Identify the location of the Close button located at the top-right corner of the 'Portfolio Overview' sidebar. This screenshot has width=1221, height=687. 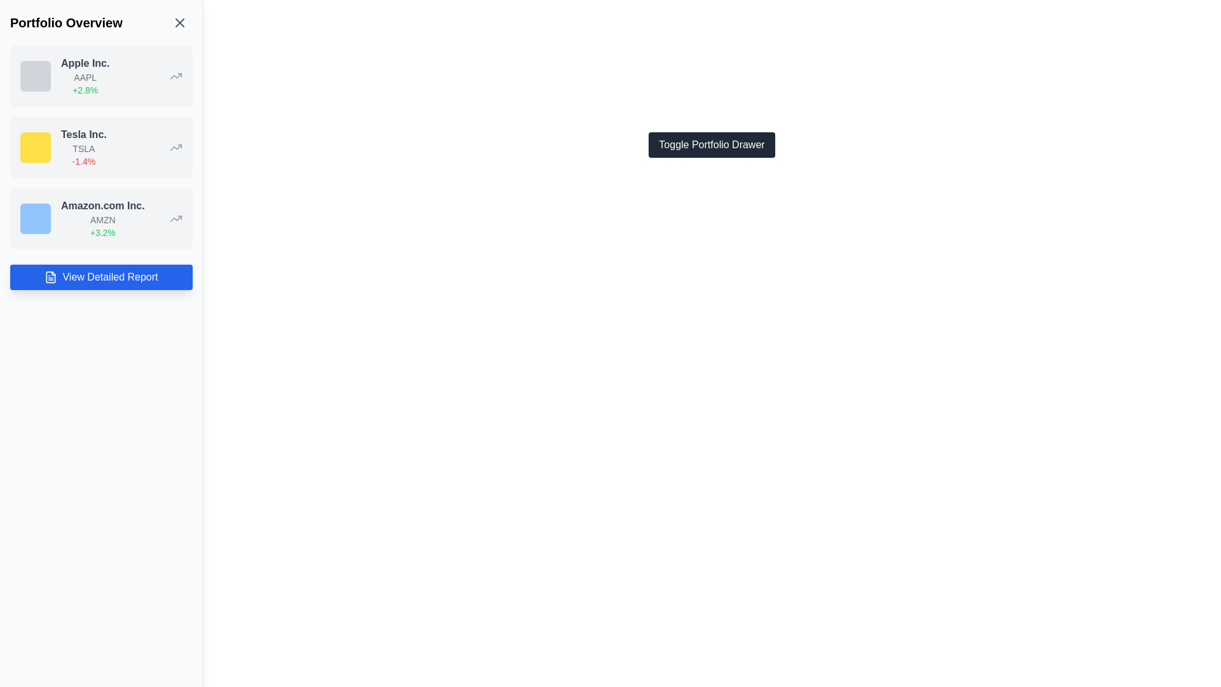
(179, 22).